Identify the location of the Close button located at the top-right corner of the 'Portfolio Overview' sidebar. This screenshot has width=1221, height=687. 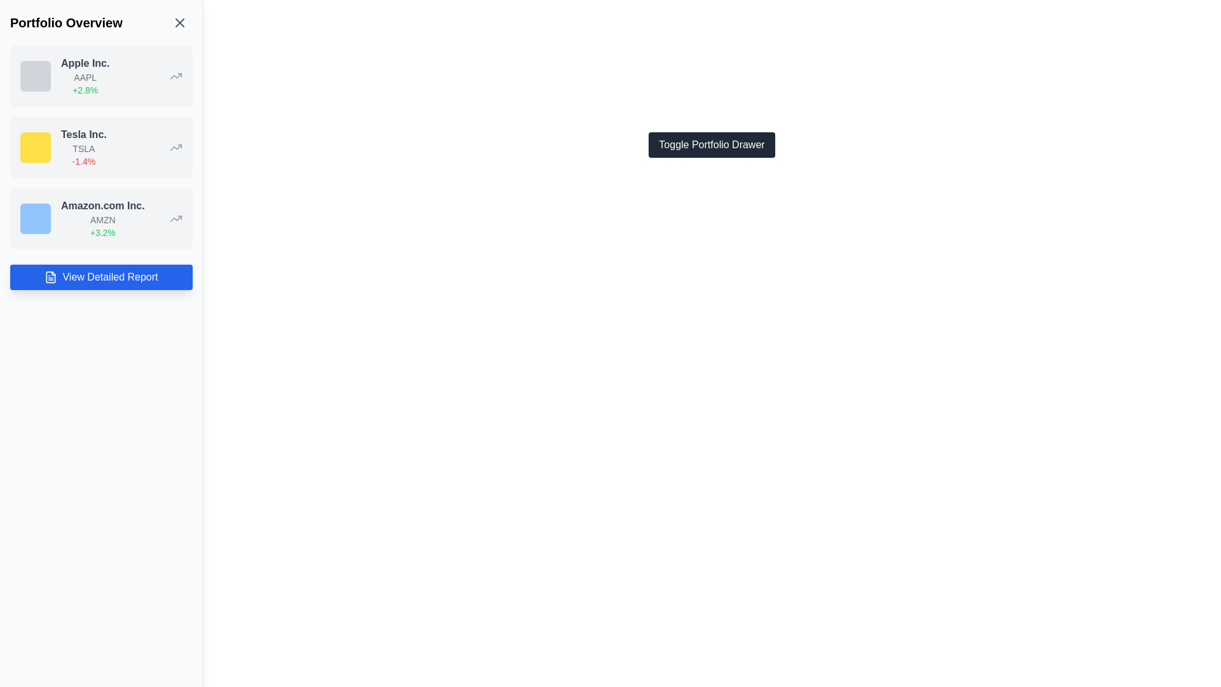
(179, 22).